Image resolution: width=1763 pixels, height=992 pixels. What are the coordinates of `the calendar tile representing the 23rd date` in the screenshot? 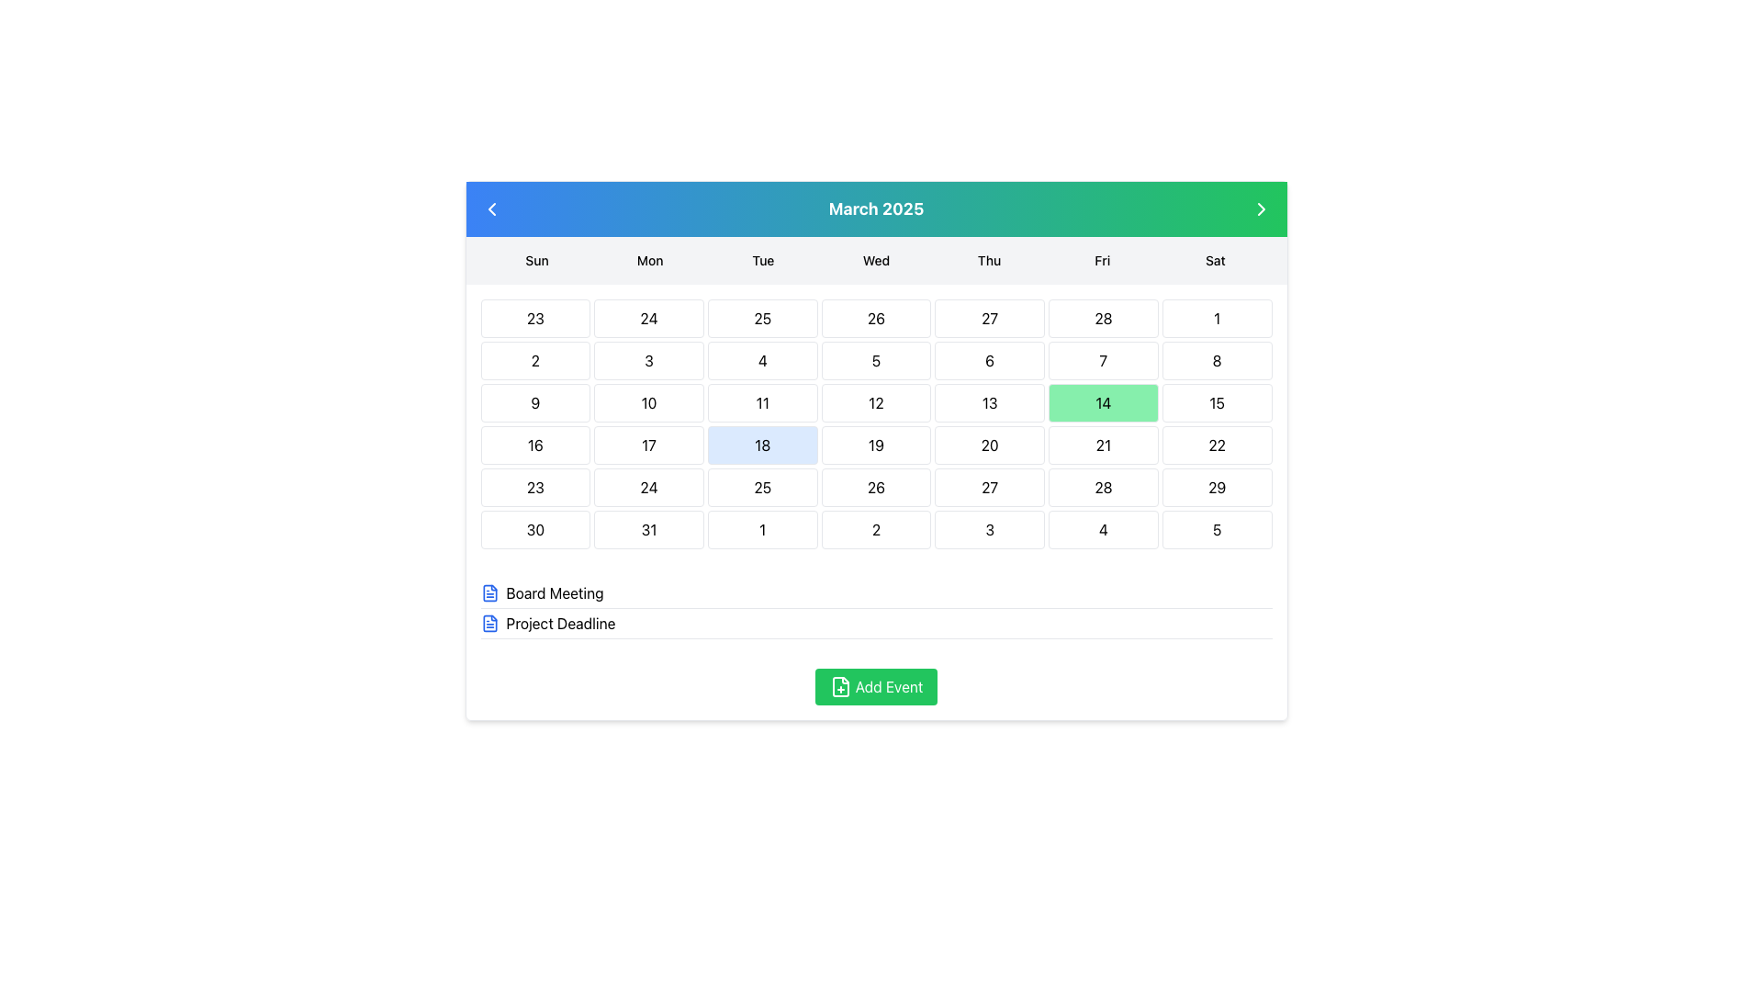 It's located at (534, 318).